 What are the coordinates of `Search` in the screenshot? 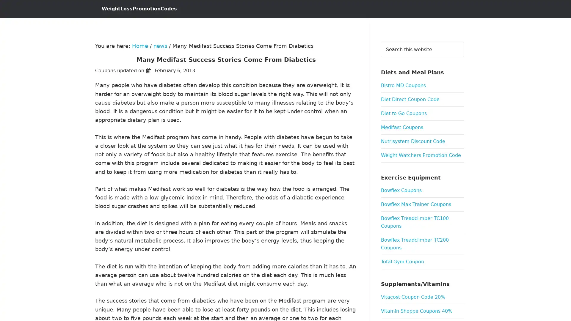 It's located at (463, 41).